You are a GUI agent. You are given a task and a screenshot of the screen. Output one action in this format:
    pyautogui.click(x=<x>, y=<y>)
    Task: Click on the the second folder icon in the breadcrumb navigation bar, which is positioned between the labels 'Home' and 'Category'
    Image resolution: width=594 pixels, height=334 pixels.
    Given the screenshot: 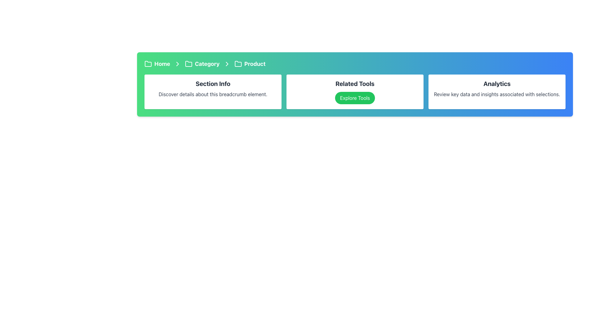 What is the action you would take?
    pyautogui.click(x=238, y=64)
    